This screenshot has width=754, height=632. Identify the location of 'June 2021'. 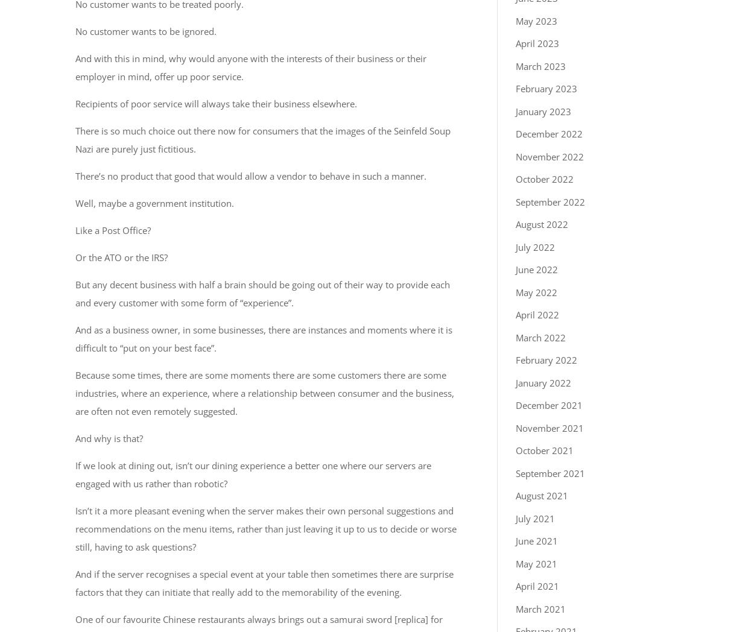
(537, 540).